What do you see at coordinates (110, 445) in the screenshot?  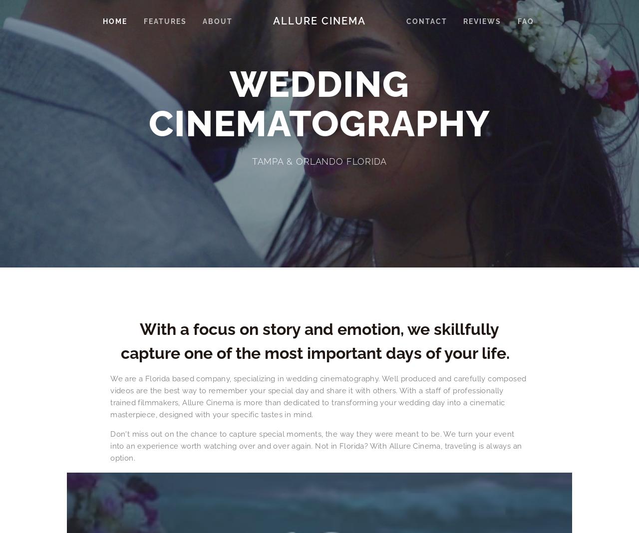 I see `'Don't miss out on the chance to capture special moments, the way they were meant to be. We turn your event into an experience worth watching over and over again. Not in Florida? With Allure Cinema, traveling is always an option.'` at bounding box center [110, 445].